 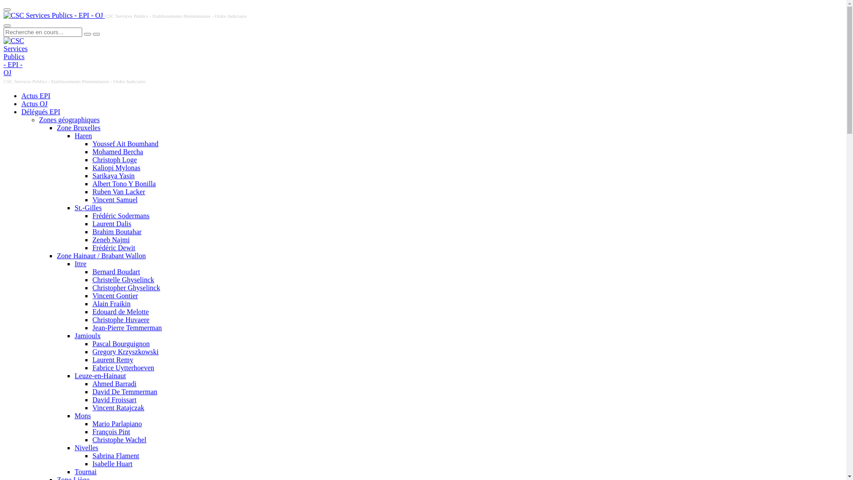 What do you see at coordinates (125, 288) in the screenshot?
I see `'Christopher Ghyselinck'` at bounding box center [125, 288].